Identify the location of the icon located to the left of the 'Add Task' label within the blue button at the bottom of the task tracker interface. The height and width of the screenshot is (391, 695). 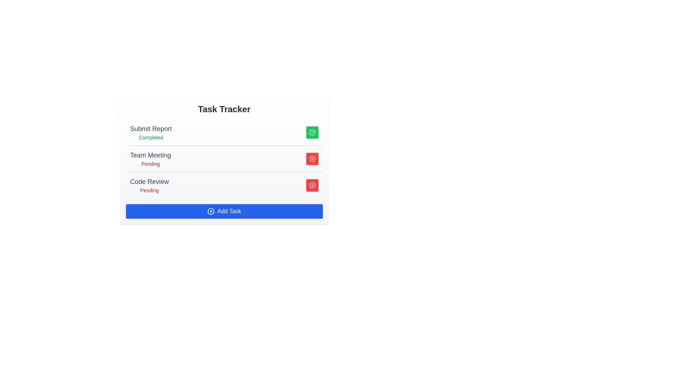
(210, 211).